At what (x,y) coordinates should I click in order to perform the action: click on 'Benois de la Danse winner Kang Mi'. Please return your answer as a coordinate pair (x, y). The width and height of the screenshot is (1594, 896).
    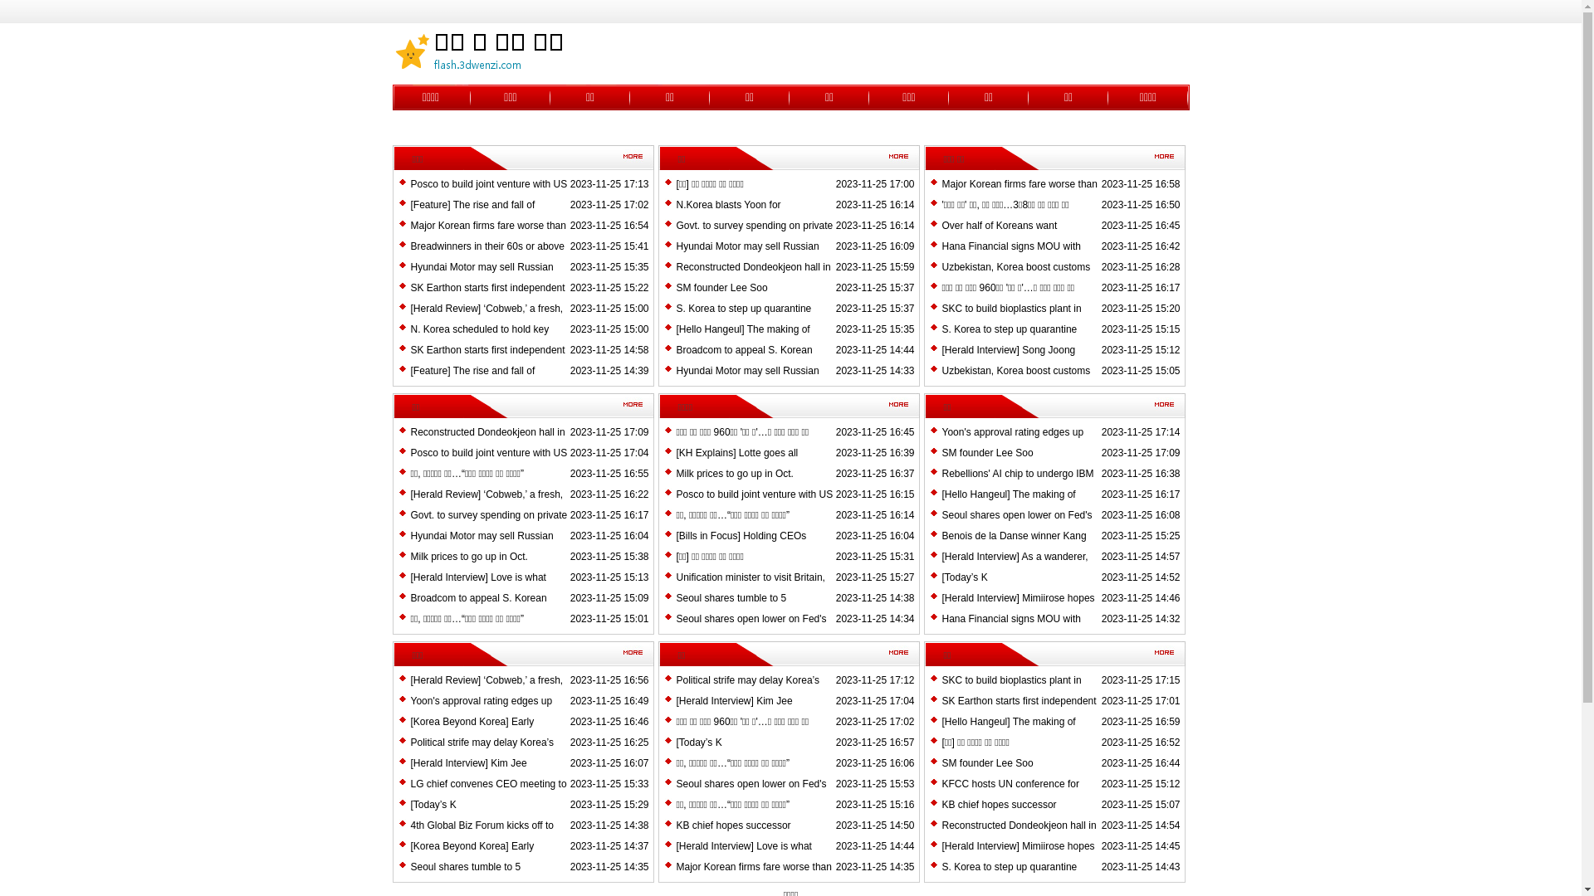
    Looking at the image, I should click on (1012, 546).